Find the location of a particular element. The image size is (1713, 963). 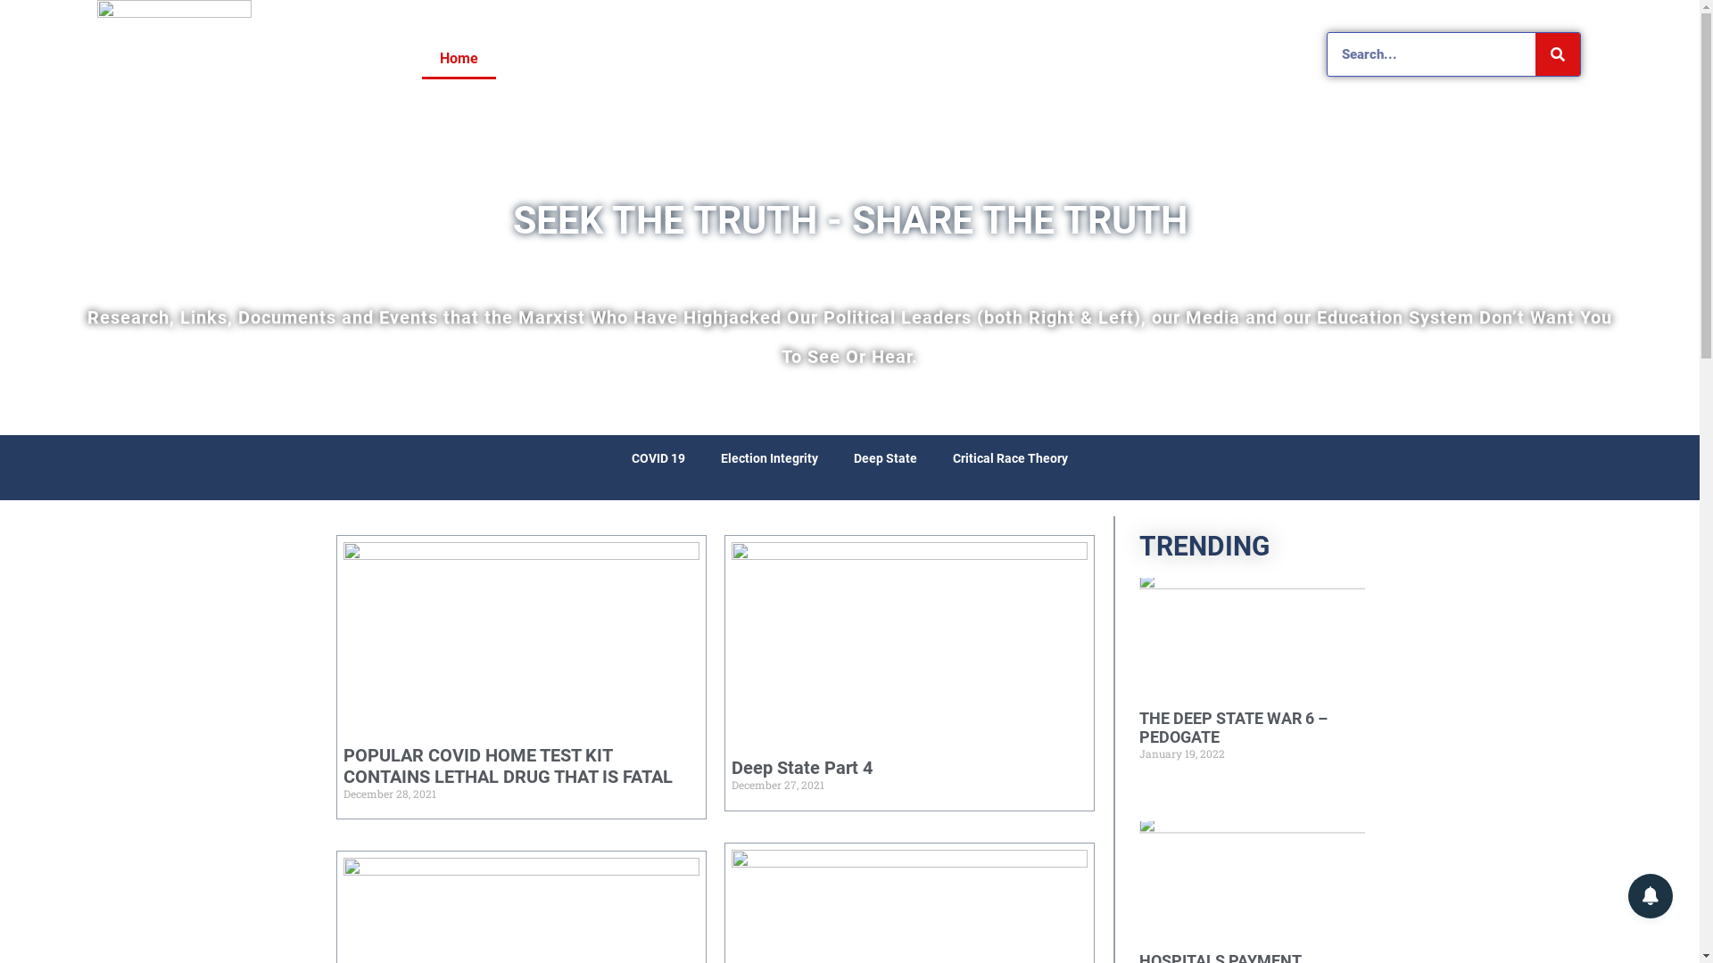

'Home' is located at coordinates (459, 57).